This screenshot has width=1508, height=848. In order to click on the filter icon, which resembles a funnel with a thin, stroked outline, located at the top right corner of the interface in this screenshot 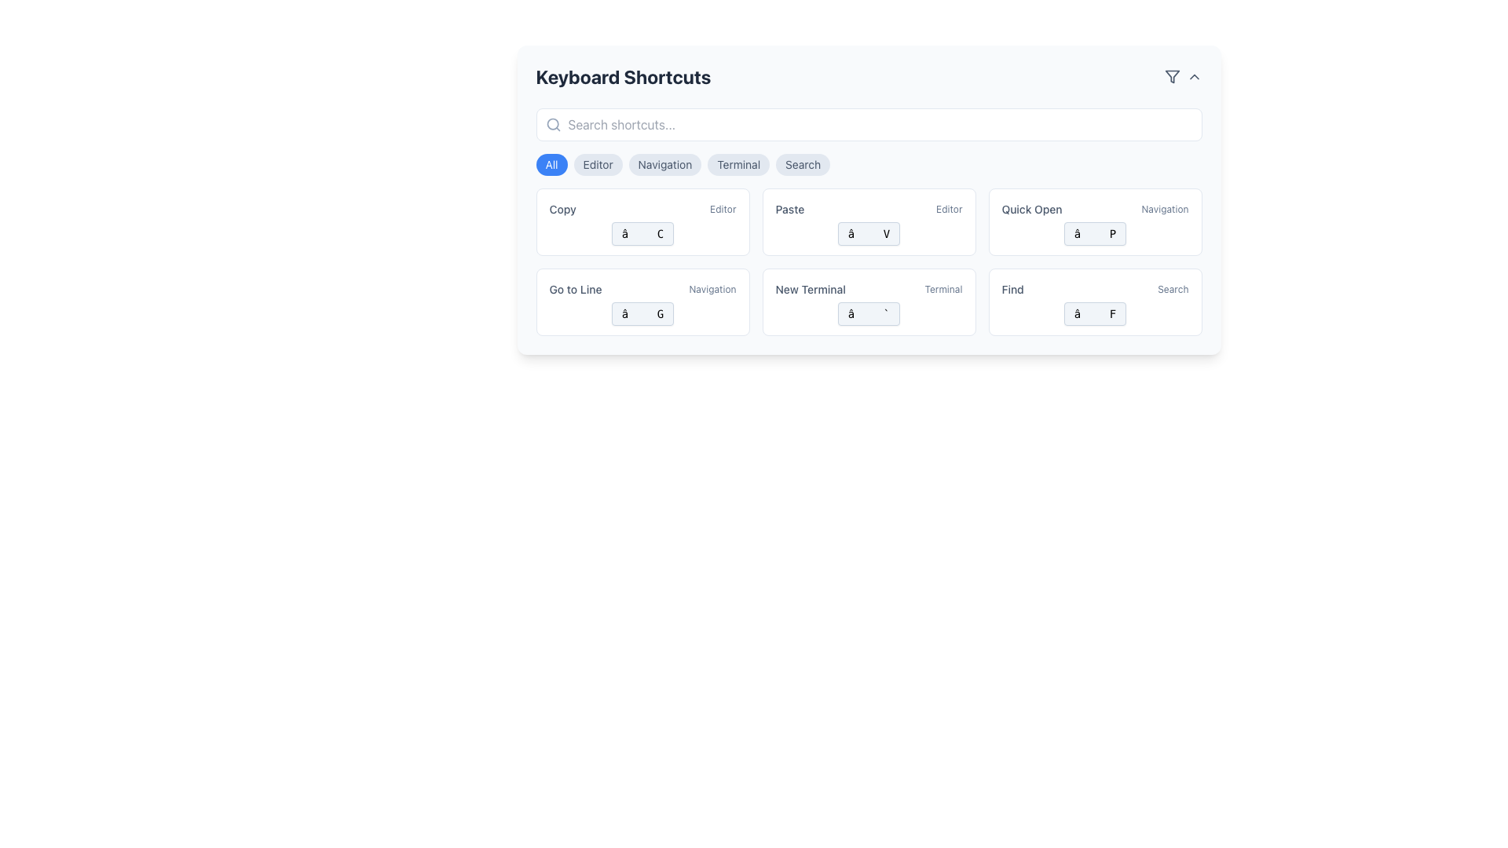, I will do `click(1172, 76)`.